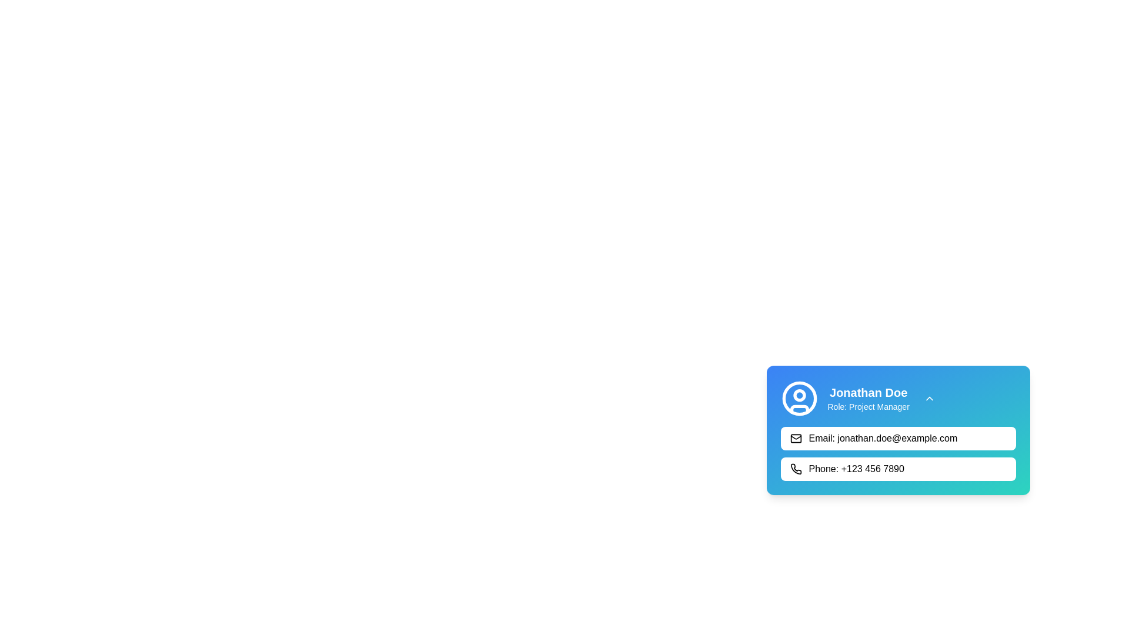  Describe the element at coordinates (796, 438) in the screenshot. I see `the inner rectangle of the envelope icon in the contact card located at the bottom right of the interface, which represents the body of the envelope above the text 'Email: jonathan.doe@example.com'` at that location.